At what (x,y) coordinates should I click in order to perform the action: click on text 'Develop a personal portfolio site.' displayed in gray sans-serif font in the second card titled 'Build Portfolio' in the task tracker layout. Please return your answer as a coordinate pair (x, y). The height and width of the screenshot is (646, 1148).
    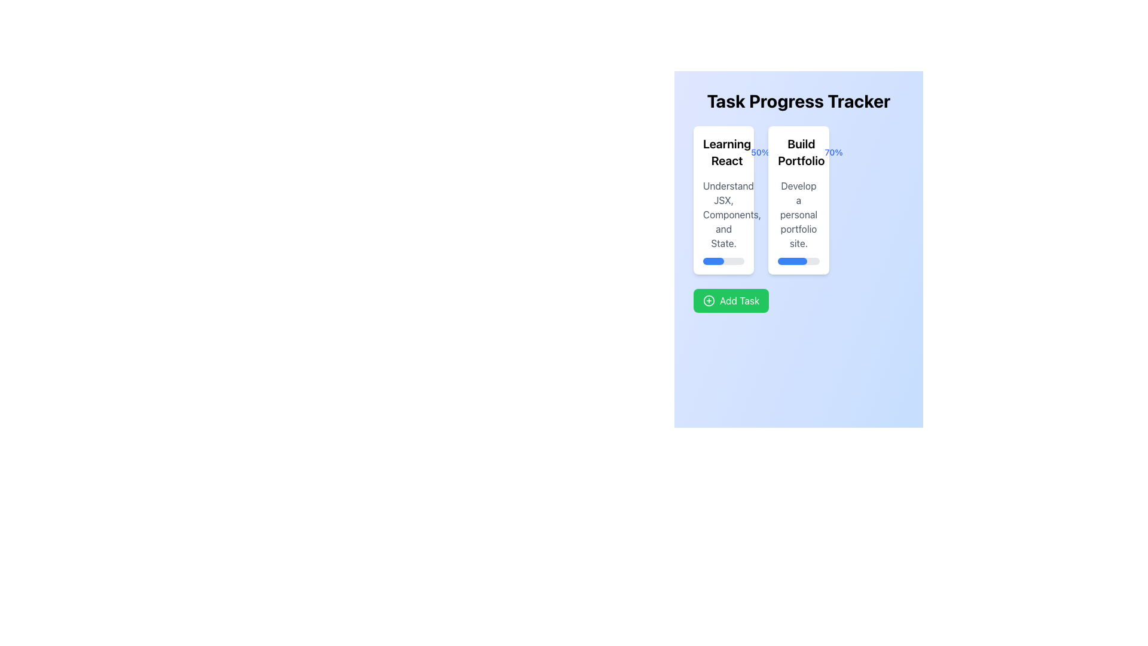
    Looking at the image, I should click on (798, 214).